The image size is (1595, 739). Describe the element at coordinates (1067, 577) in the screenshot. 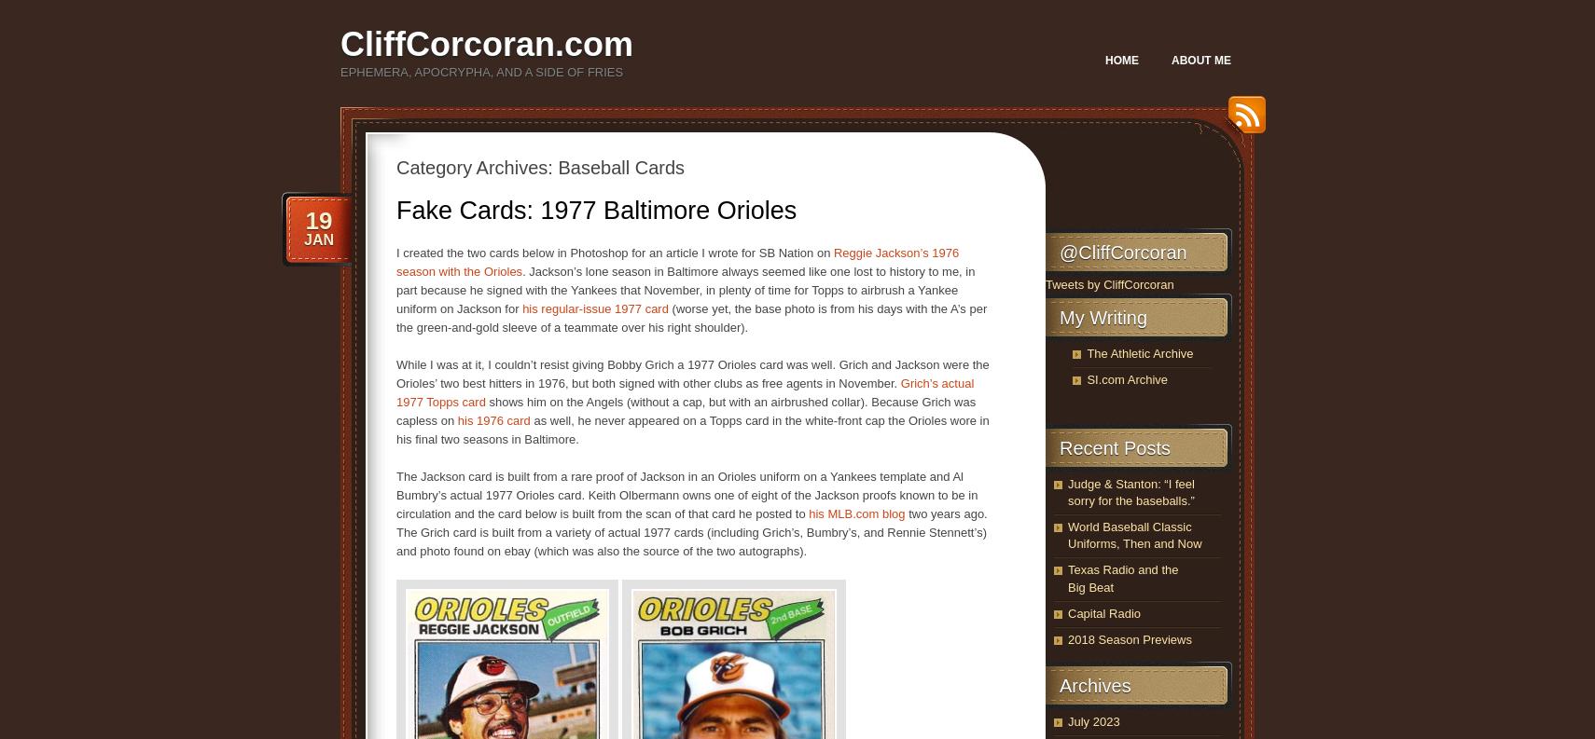

I see `'Texas Radio and the Big Beat'` at that location.